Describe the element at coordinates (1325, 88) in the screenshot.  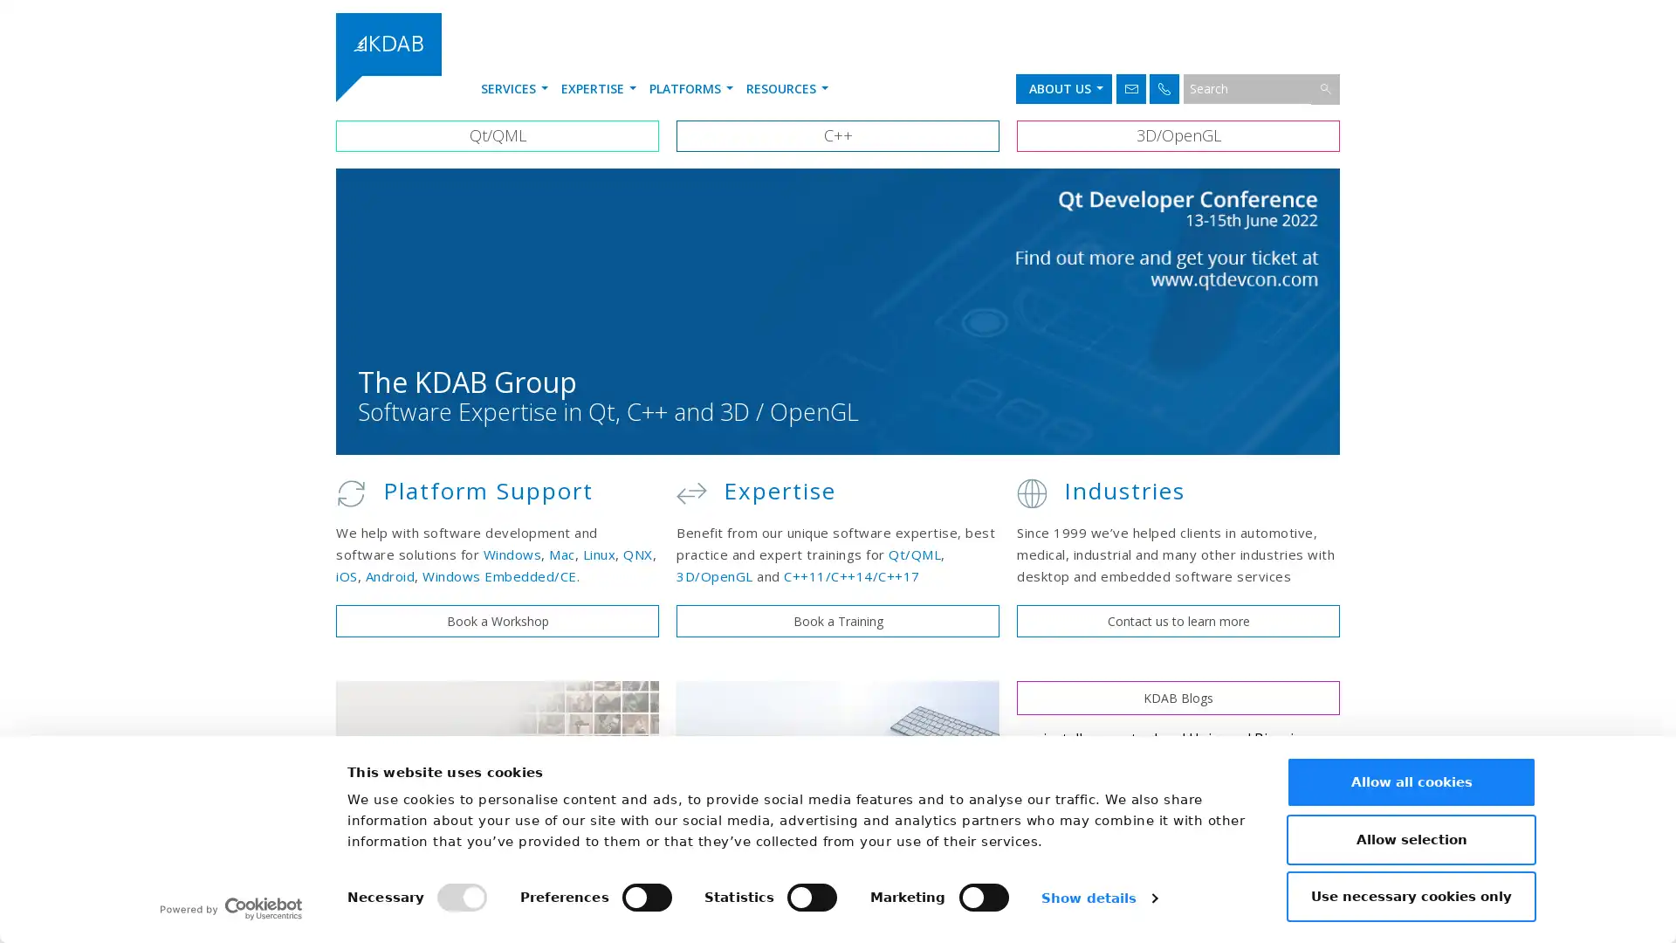
I see `Search` at that location.